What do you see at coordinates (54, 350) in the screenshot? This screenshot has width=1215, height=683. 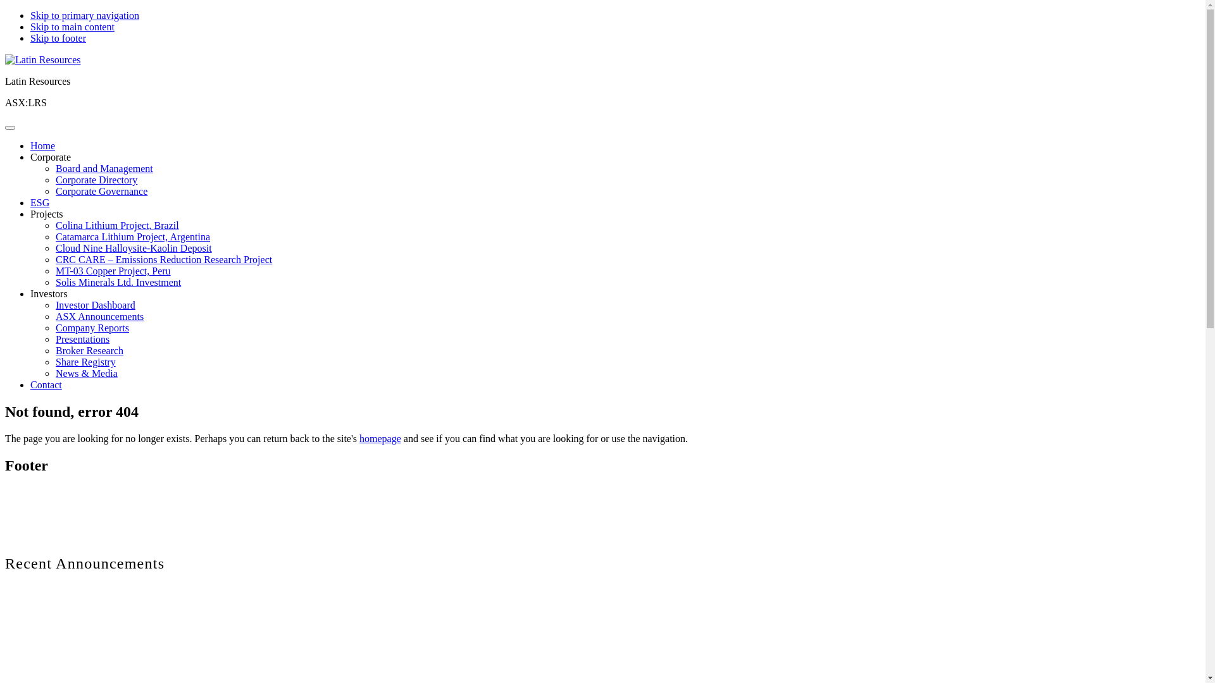 I see `'Broker Research'` at bounding box center [54, 350].